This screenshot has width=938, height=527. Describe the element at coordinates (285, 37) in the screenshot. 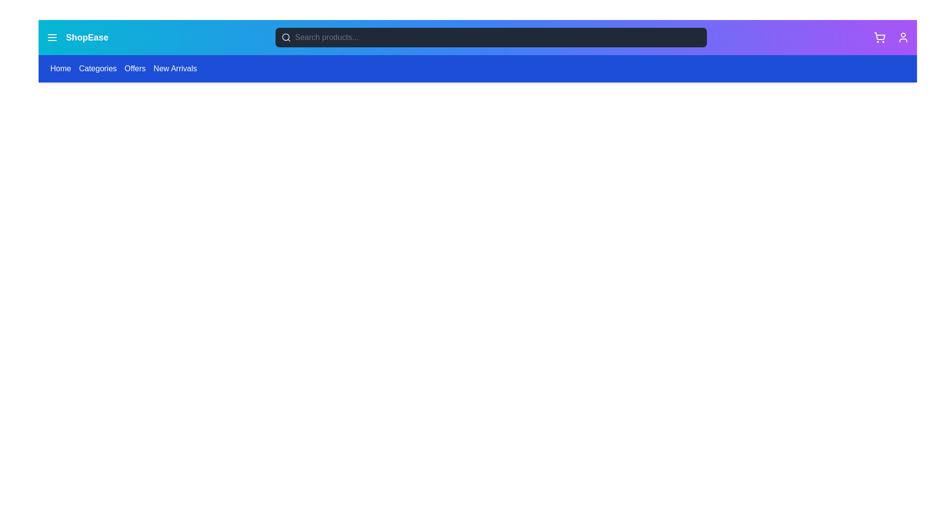

I see `the magnifying glass icon representing search functionality, which is positioned inside a black input field on the left side, styled in light gray` at that location.